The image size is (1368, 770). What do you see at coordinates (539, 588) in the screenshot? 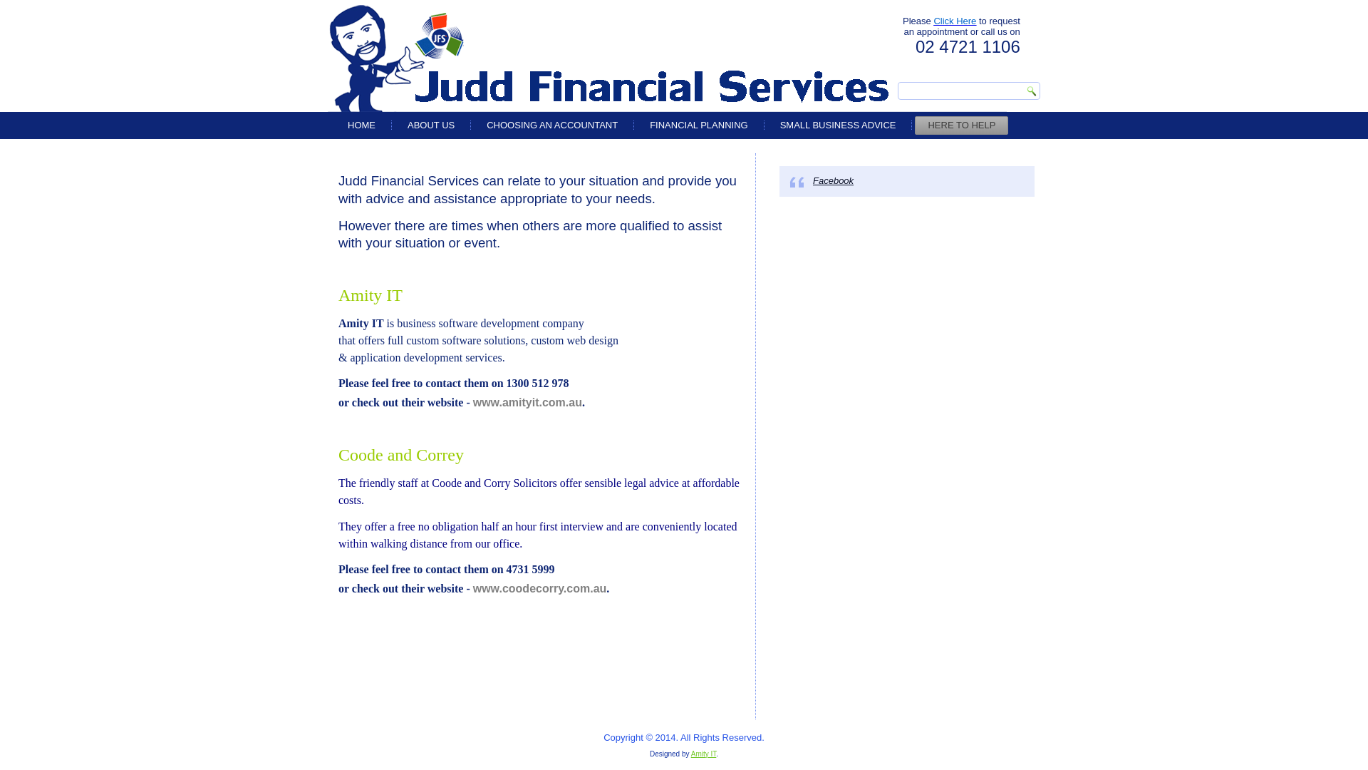
I see `'www.coodecorry.com.au'` at bounding box center [539, 588].